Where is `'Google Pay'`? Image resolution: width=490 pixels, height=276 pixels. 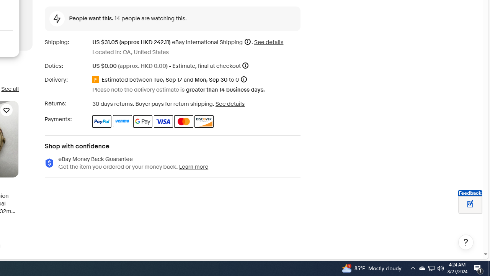 'Google Pay' is located at coordinates (143, 121).